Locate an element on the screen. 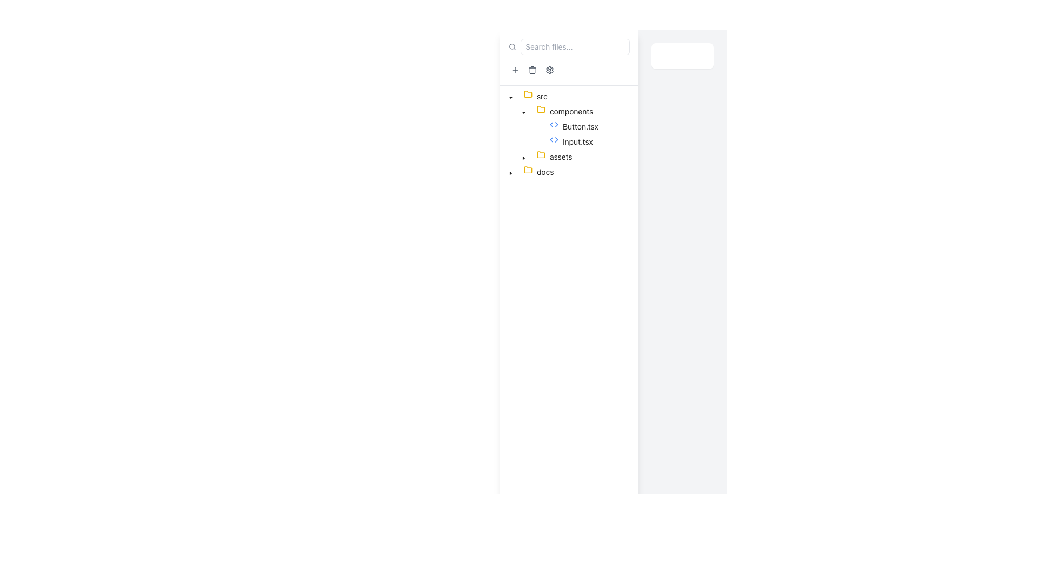 The image size is (1038, 583). the list item labeled 'Input.tsx' with a code symbol icon is located at coordinates (570, 141).